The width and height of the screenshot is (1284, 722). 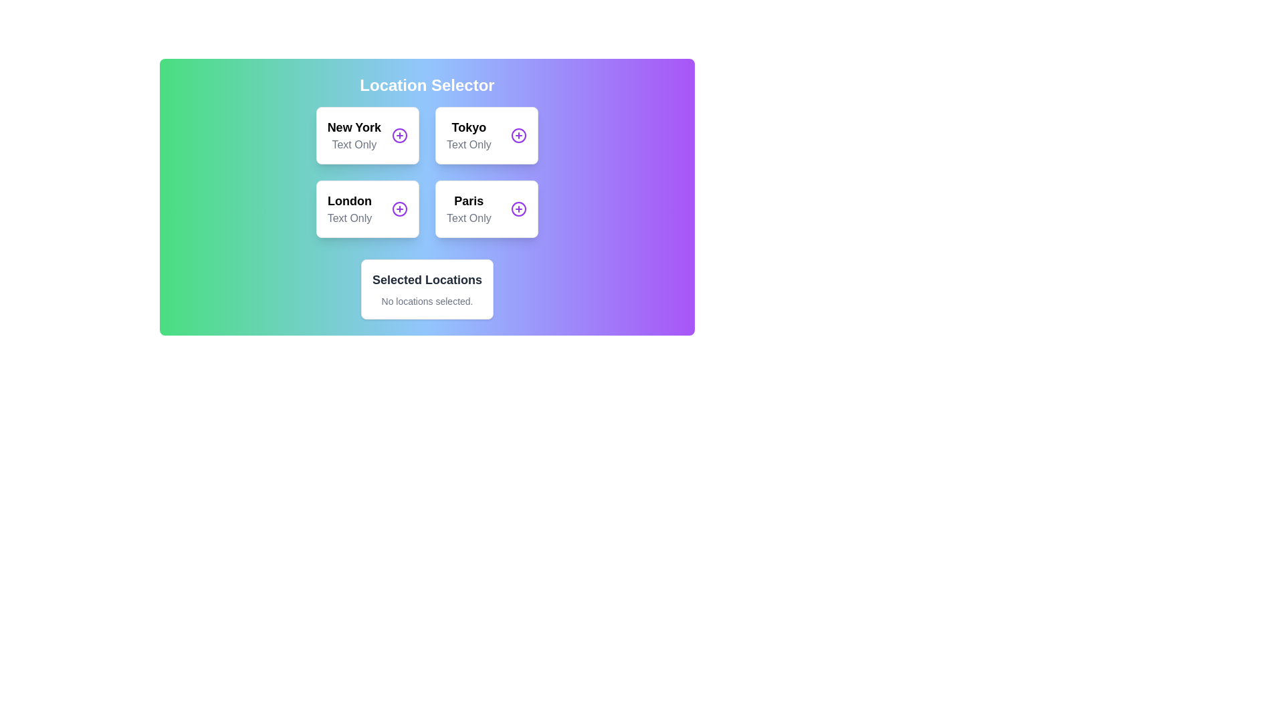 I want to click on the circular icon with a purple outline and a cross symbol inside, located to the right of the text 'London' to trigger a tooltip or highlight effect, so click(x=399, y=209).